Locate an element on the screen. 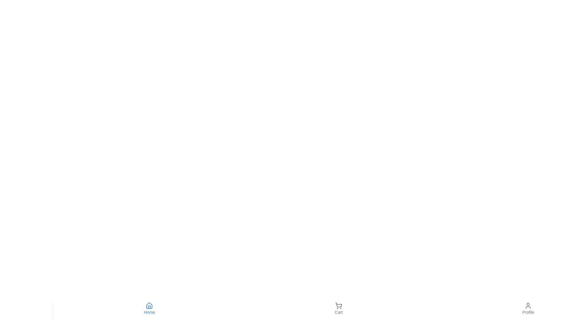 Image resolution: width=570 pixels, height=320 pixels. the navigation item Profile is located at coordinates (528, 308).